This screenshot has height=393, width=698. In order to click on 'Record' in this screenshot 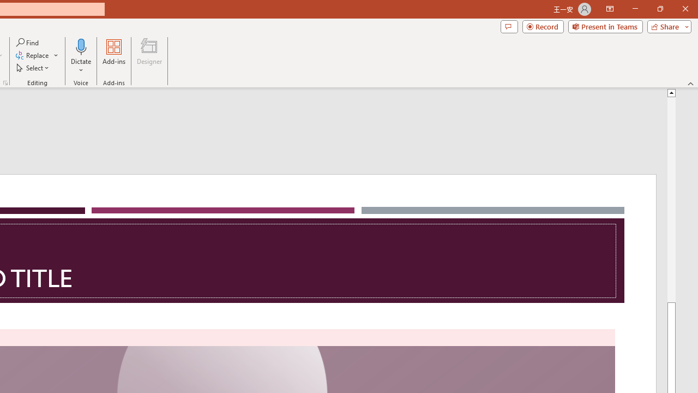, I will do `click(543, 26)`.